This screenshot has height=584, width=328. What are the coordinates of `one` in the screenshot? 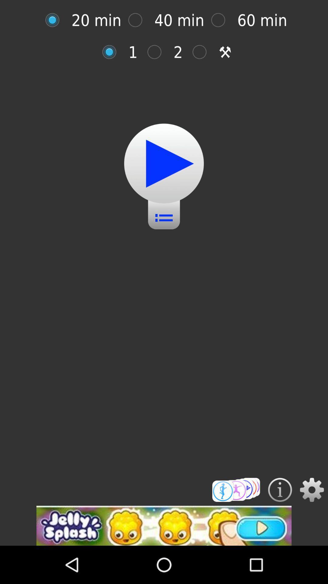 It's located at (112, 52).